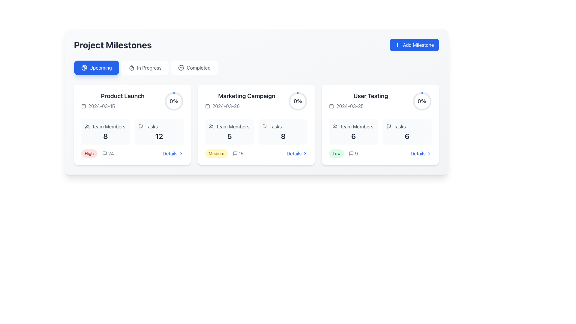 The image size is (576, 324). Describe the element at coordinates (247, 101) in the screenshot. I see `contextual information about the project milestone, specifically its title and associated date, located in the middle card under 'Project Milestones'` at that location.